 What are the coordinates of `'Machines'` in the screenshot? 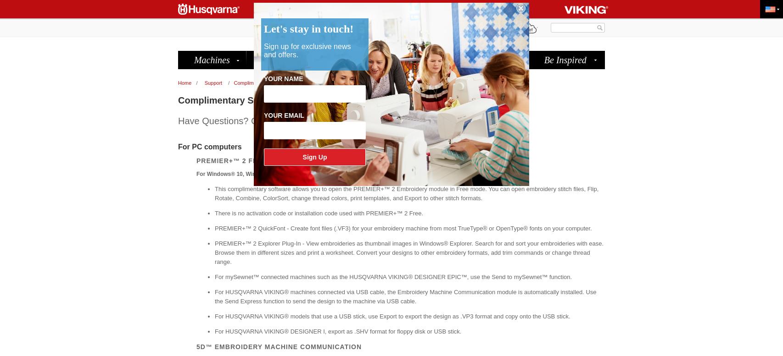 It's located at (211, 60).